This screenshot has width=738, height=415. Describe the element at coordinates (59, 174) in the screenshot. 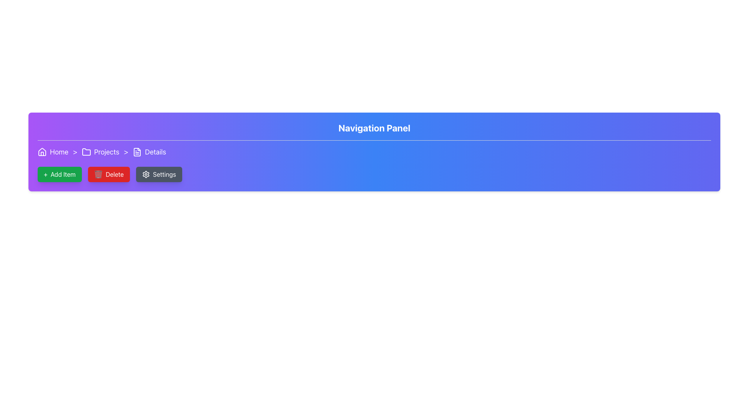

I see `the 'Add New Item' button located to the left of the 'Delete' and 'Settings' buttons, positioned in the middle-left portion of the interface below the breadcrumb navigation bar` at that location.